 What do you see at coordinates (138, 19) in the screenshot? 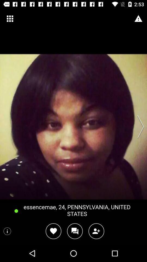
I see `the icon at the top right corner` at bounding box center [138, 19].